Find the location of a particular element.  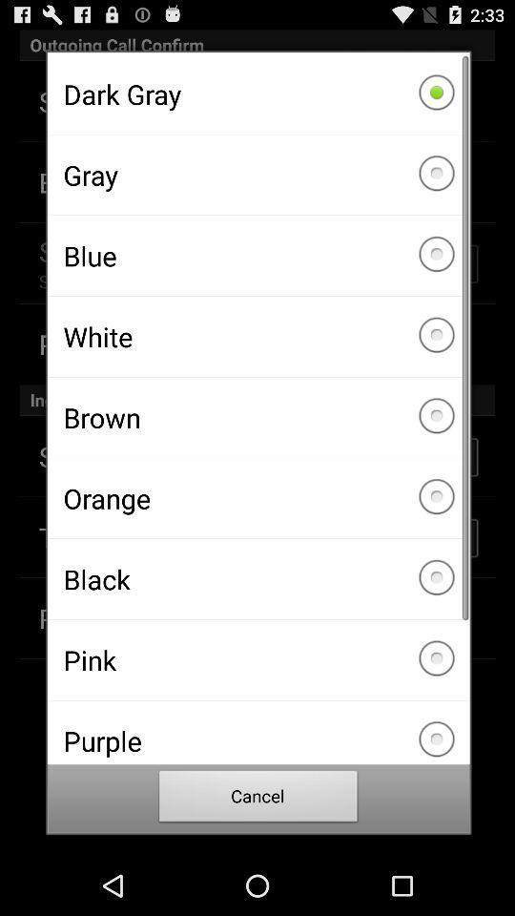

the icon below the purple icon is located at coordinates (257, 799).